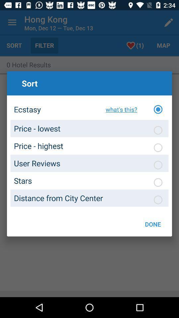 This screenshot has width=179, height=318. Describe the element at coordinates (157, 130) in the screenshot. I see `option` at that location.